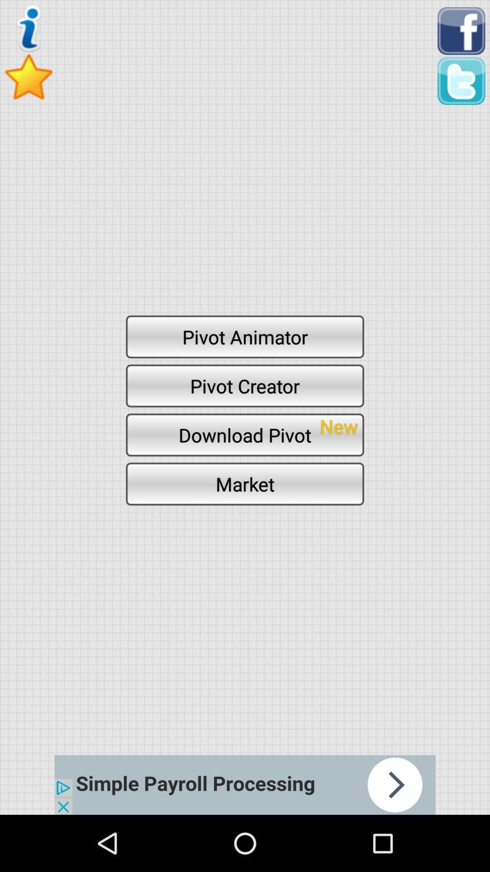 The width and height of the screenshot is (490, 872). I want to click on the icon below the pivot creator, so click(245, 434).